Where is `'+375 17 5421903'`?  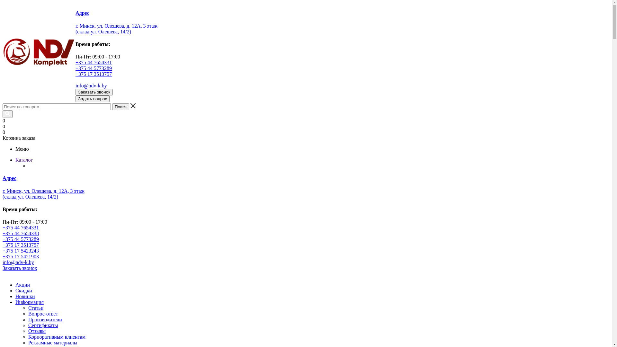 '+375 17 5421903' is located at coordinates (21, 256).